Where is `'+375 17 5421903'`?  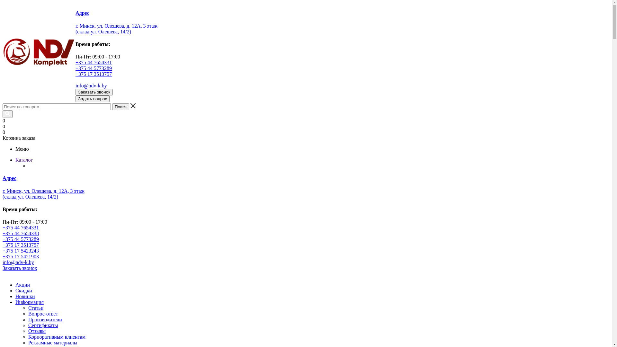 '+375 17 5421903' is located at coordinates (21, 256).